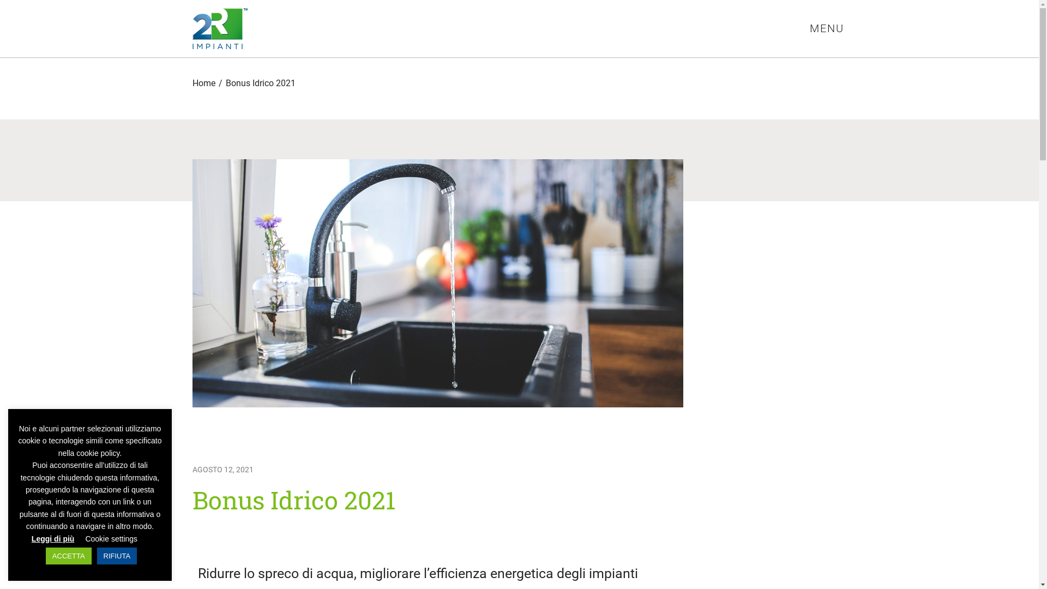 The image size is (1047, 589). I want to click on 'Cookie settings', so click(111, 538).